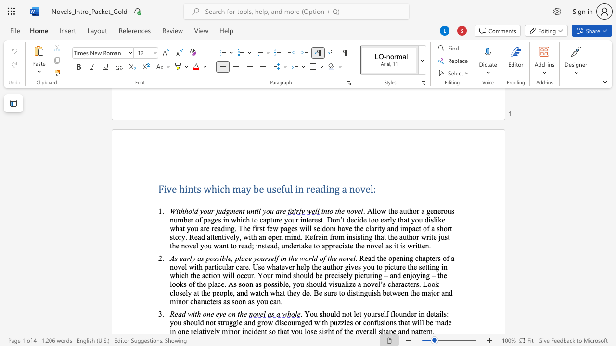  What do you see at coordinates (343, 210) in the screenshot?
I see `the 1th character "e" in the text` at bounding box center [343, 210].